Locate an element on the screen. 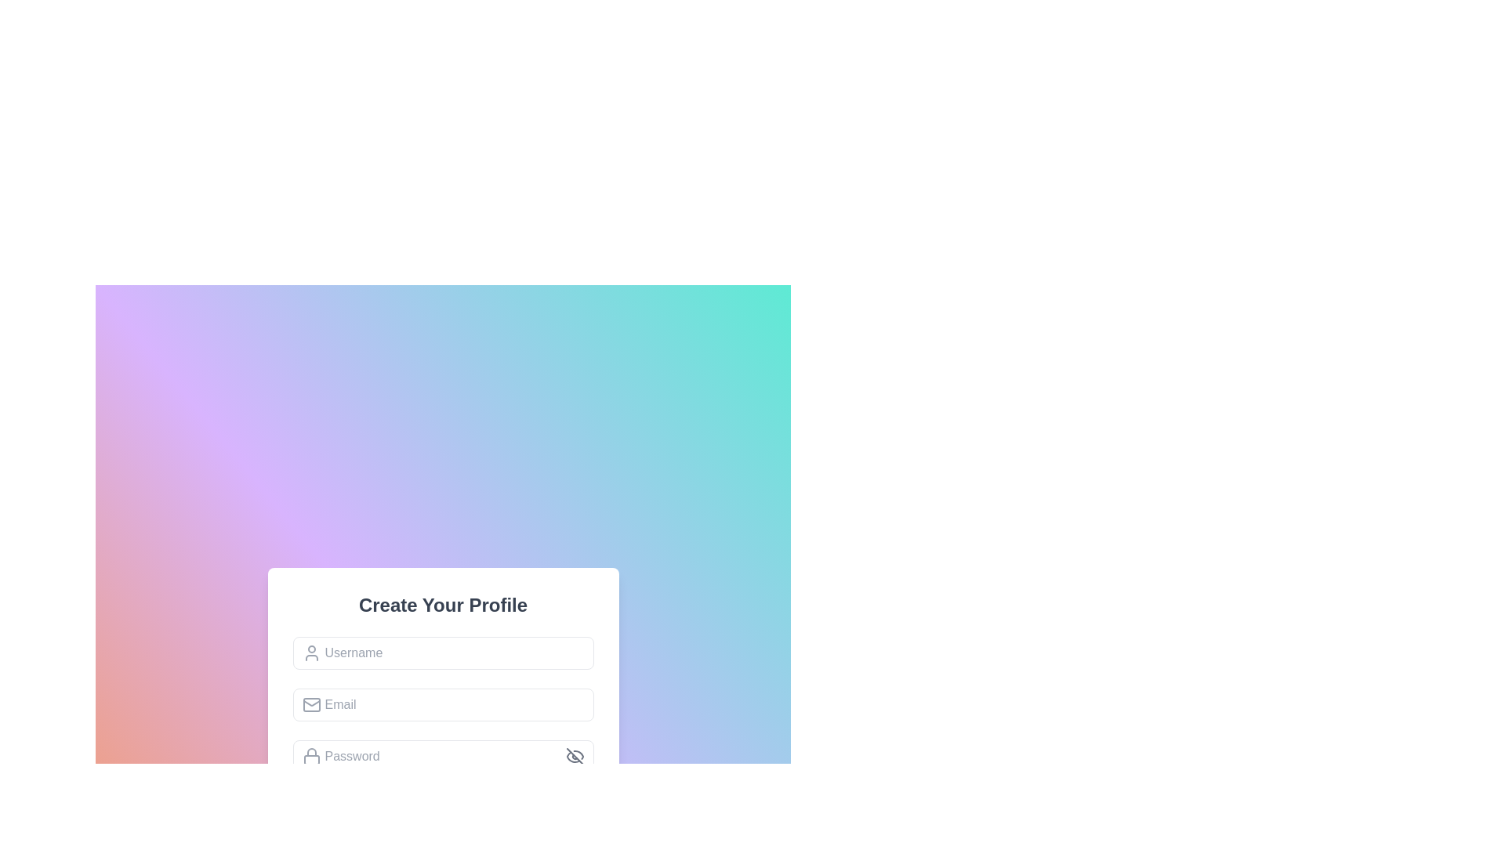 The width and height of the screenshot is (1505, 846). the 'hide' icon, which depicts an eye with a slash across it is located at coordinates (574, 755).